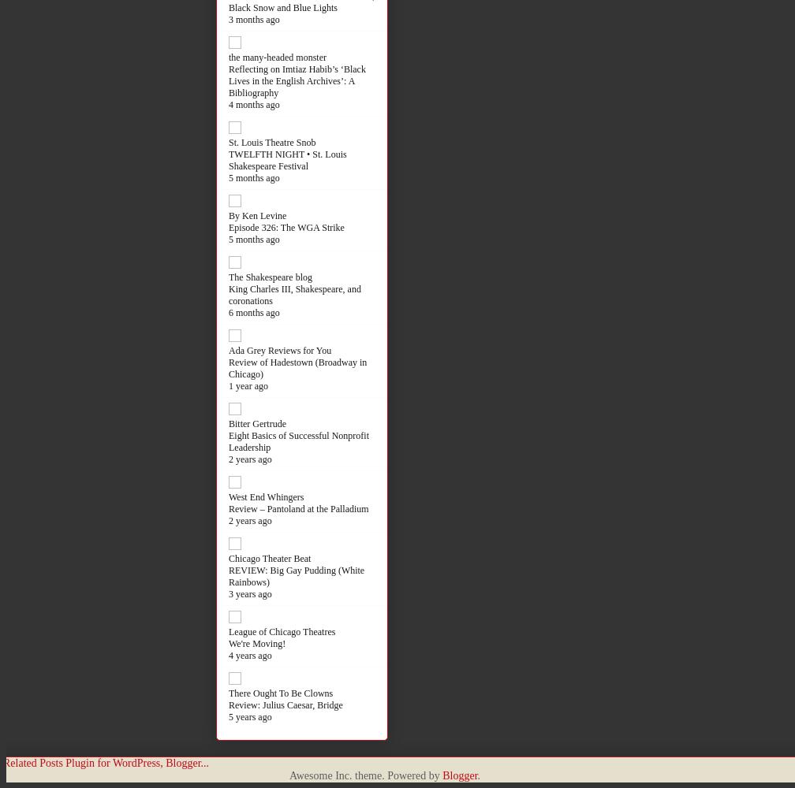  I want to click on 'Bitter Gertrude', so click(229, 423).